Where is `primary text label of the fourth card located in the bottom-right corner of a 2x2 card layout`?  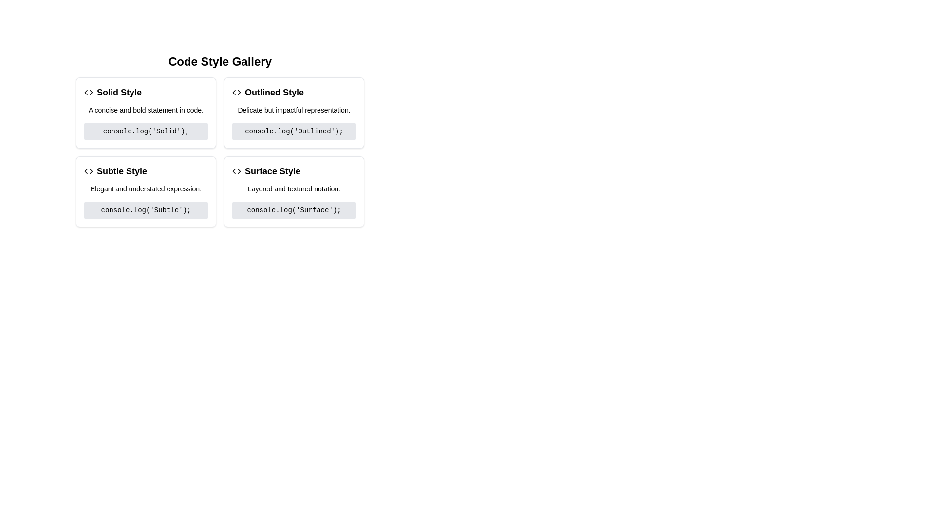 primary text label of the fourth card located in the bottom-right corner of a 2x2 card layout is located at coordinates (273, 170).